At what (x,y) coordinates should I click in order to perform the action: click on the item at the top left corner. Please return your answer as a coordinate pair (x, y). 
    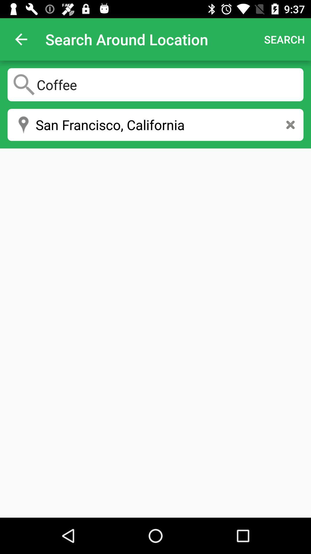
    Looking at the image, I should click on (21, 39).